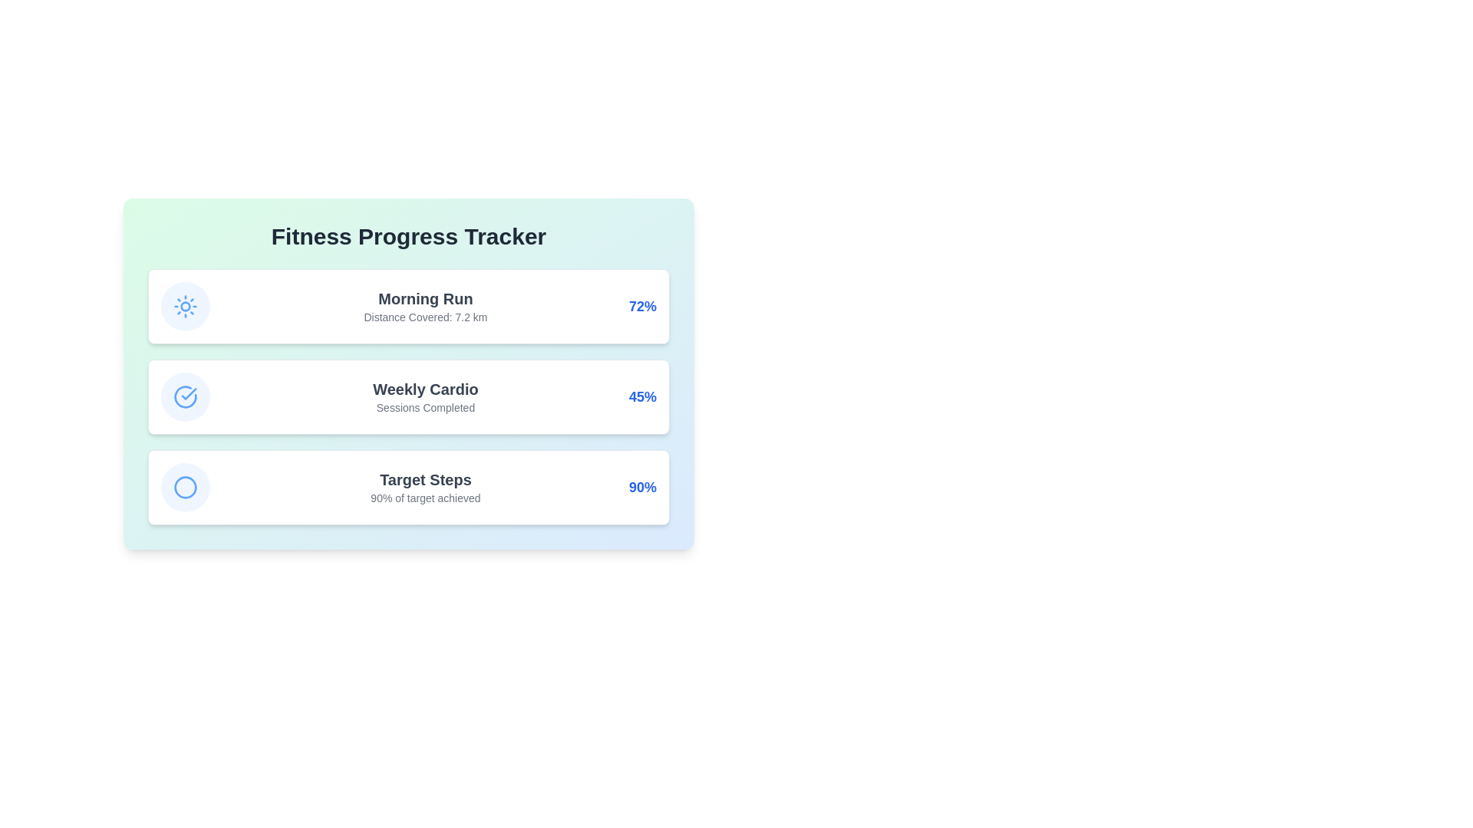  What do you see at coordinates (426, 407) in the screenshot?
I see `the Text Label that provides supplementary information for 'Weekly Cardio', positioned directly below the title and above the percentage indicator '45%'` at bounding box center [426, 407].